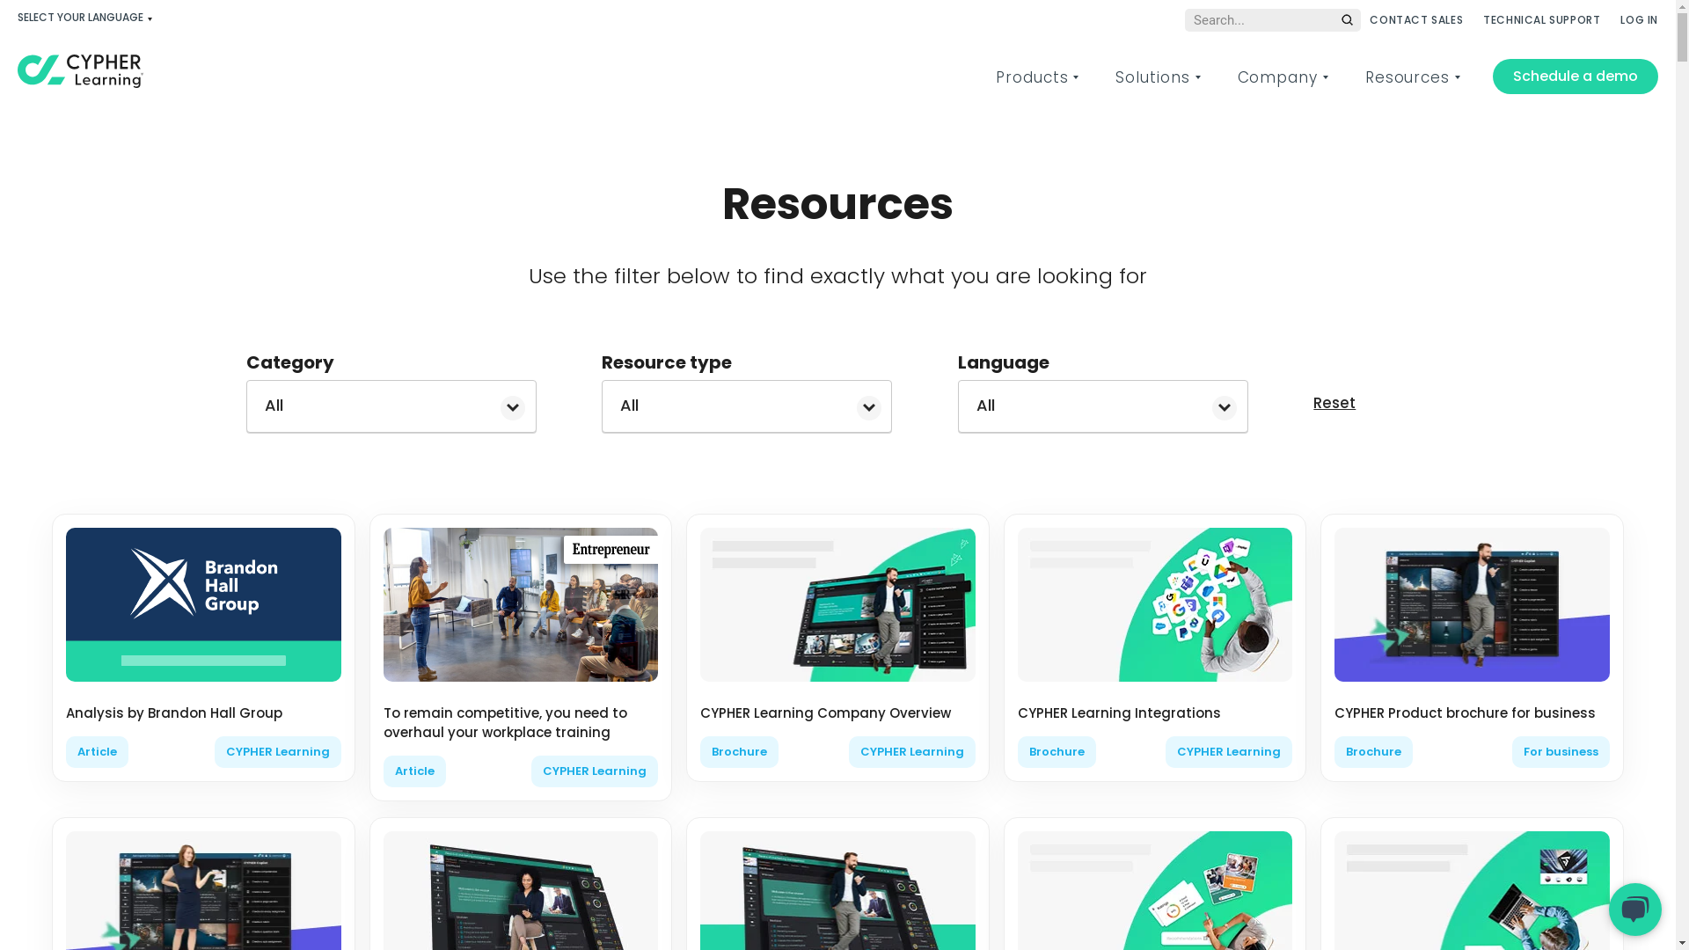 The height and width of the screenshot is (950, 1689). I want to click on 'Resources', so click(1406, 77).